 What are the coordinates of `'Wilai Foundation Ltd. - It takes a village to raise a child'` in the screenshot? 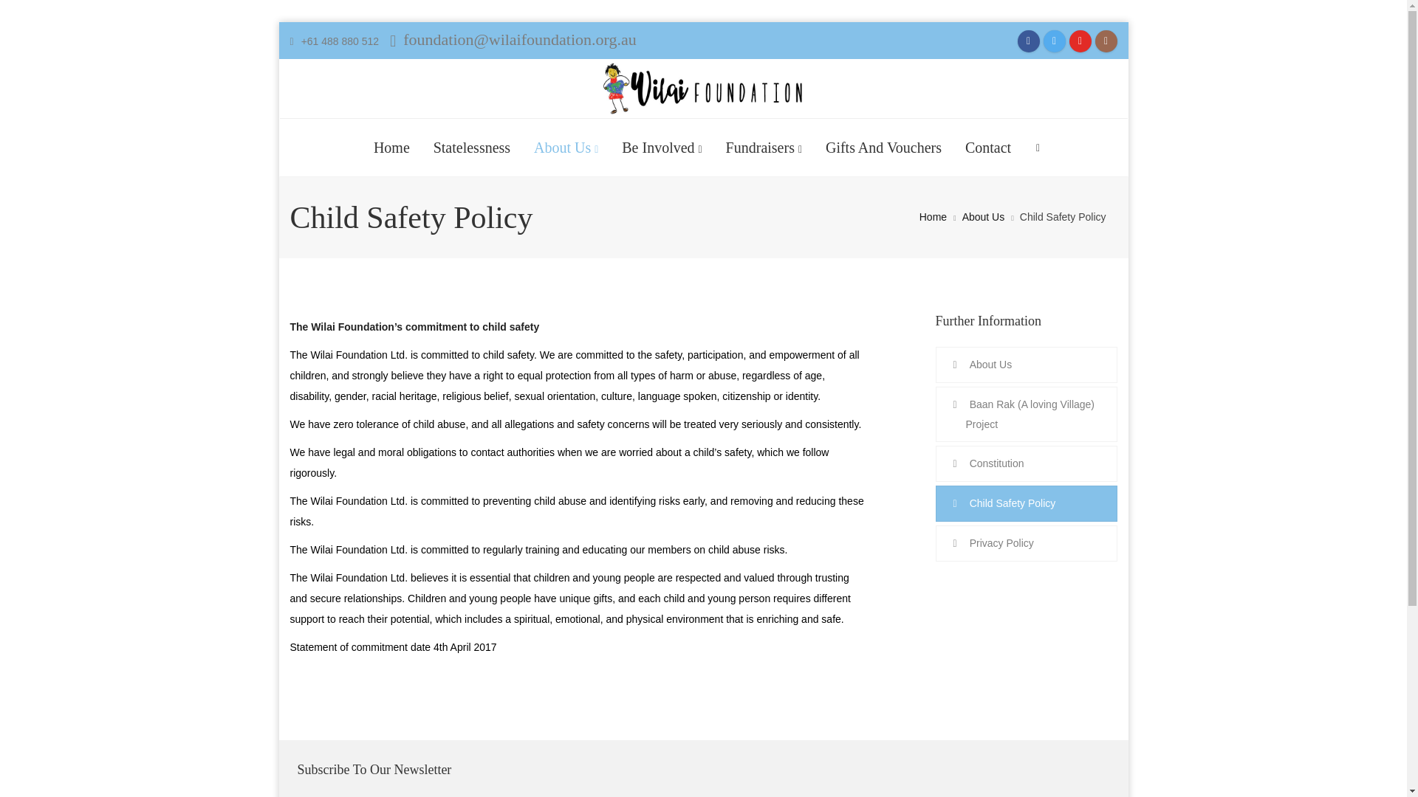 It's located at (702, 88).